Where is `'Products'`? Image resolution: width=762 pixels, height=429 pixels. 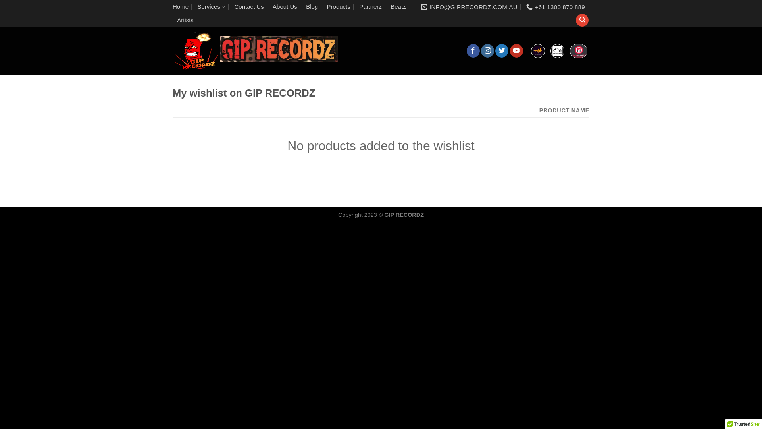
'Products' is located at coordinates (339, 6).